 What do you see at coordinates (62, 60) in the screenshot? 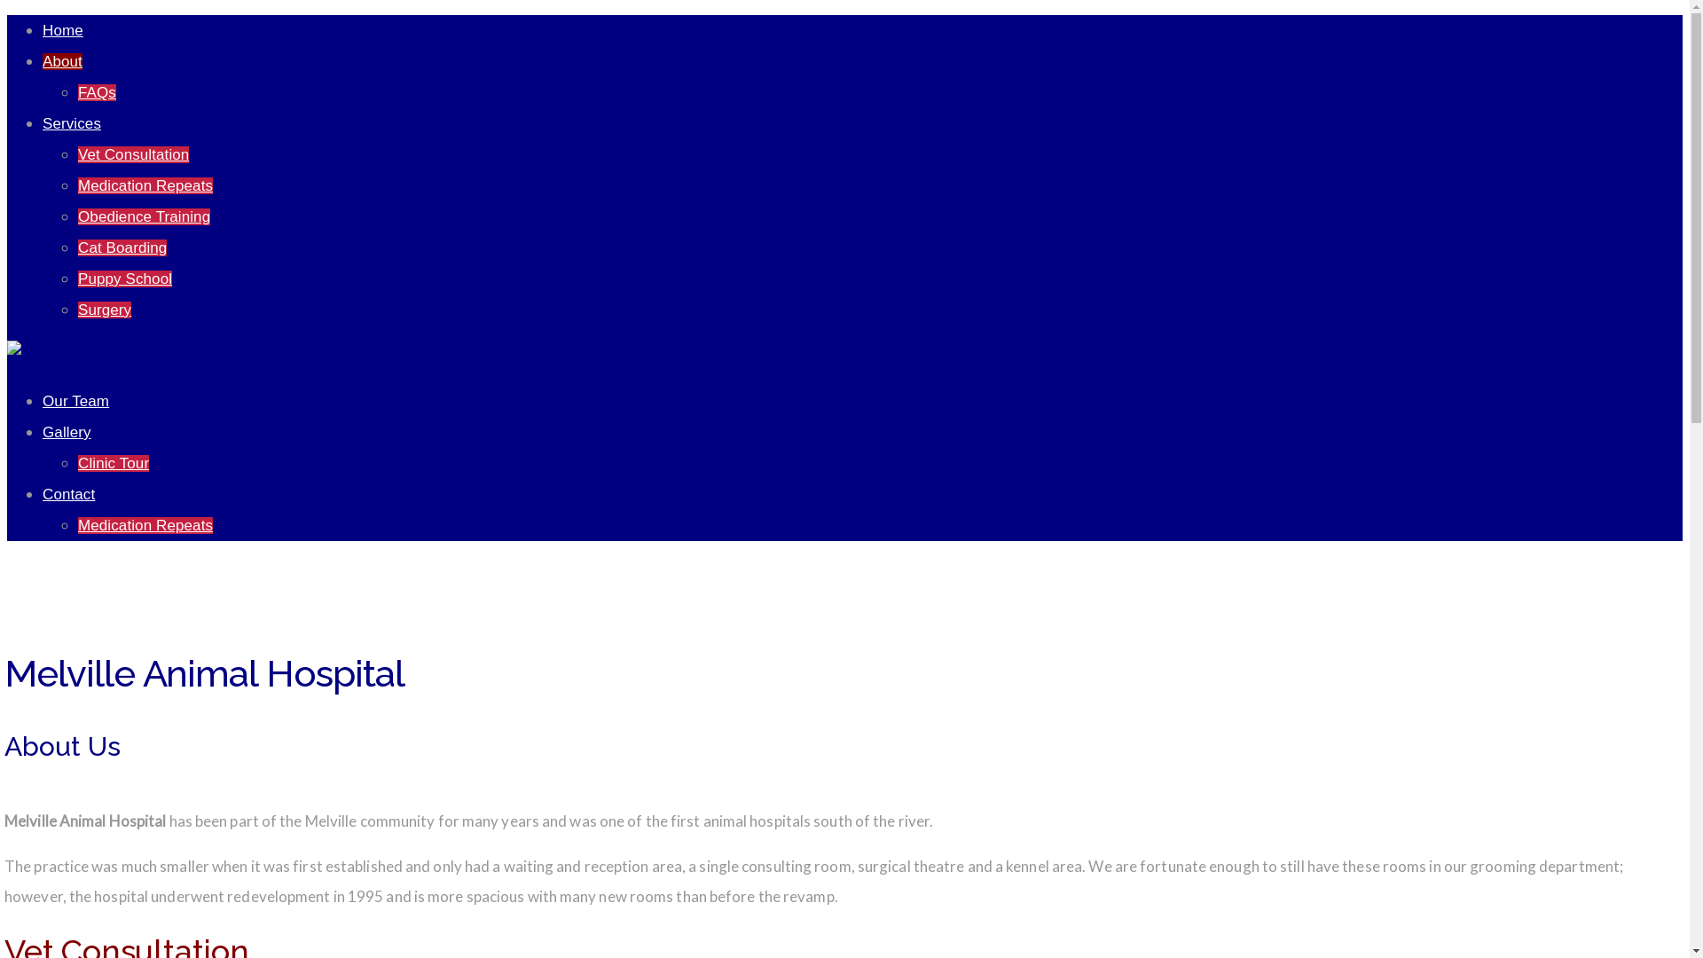
I see `'About'` at bounding box center [62, 60].